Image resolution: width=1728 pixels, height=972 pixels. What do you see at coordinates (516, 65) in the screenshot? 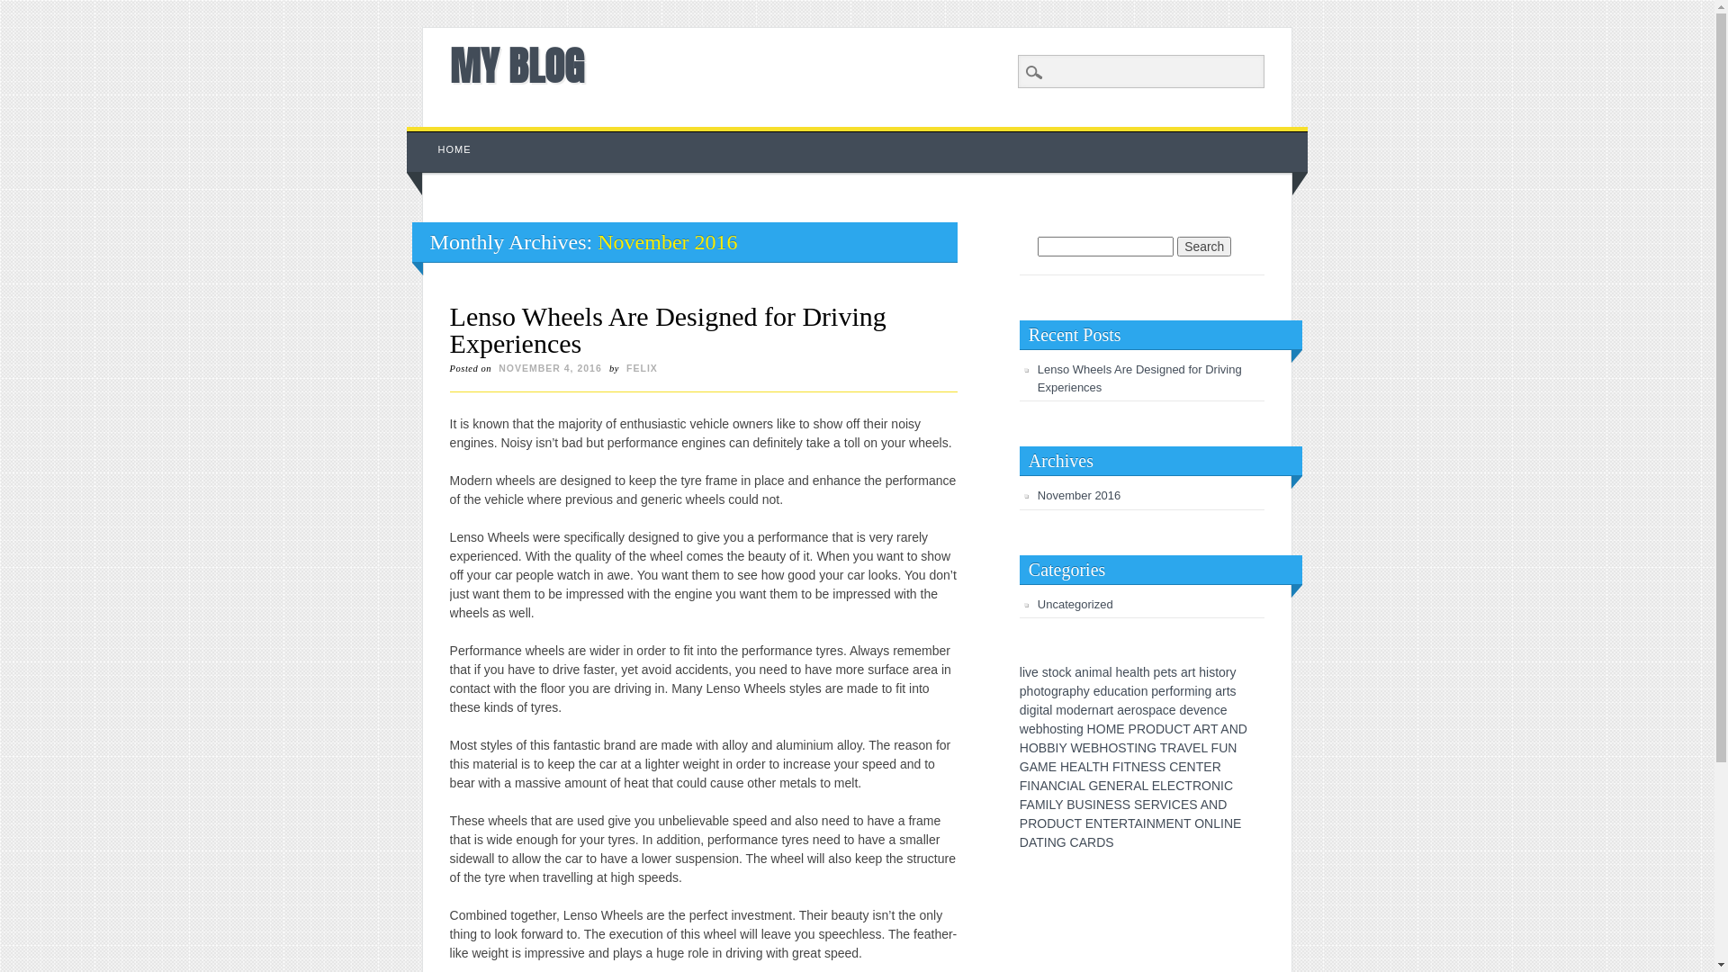
I see `'MY BLOG'` at bounding box center [516, 65].